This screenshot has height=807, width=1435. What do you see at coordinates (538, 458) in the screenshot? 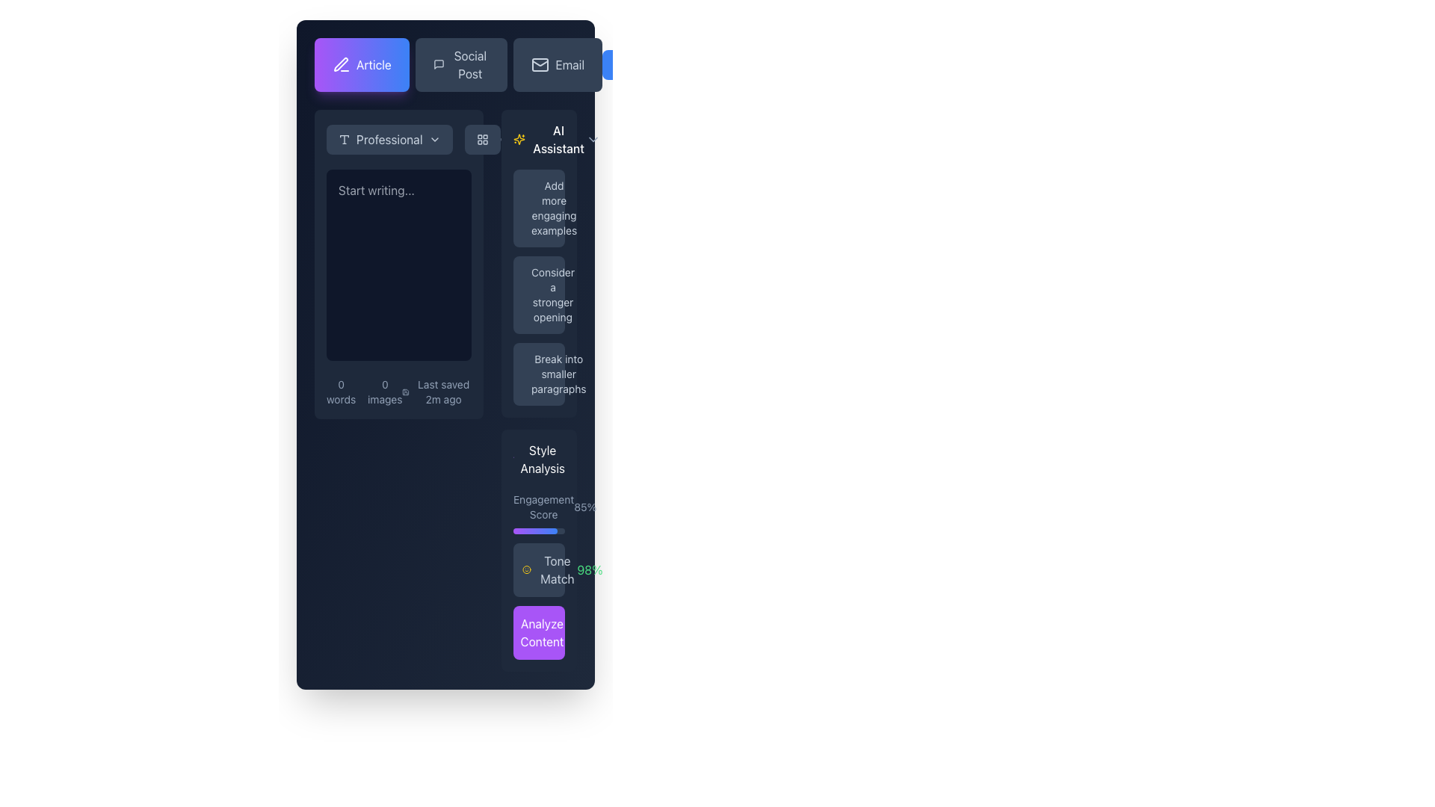
I see `the 'Style Analysis' label which features white text on a dark background and a purple palette icon to the left` at bounding box center [538, 458].